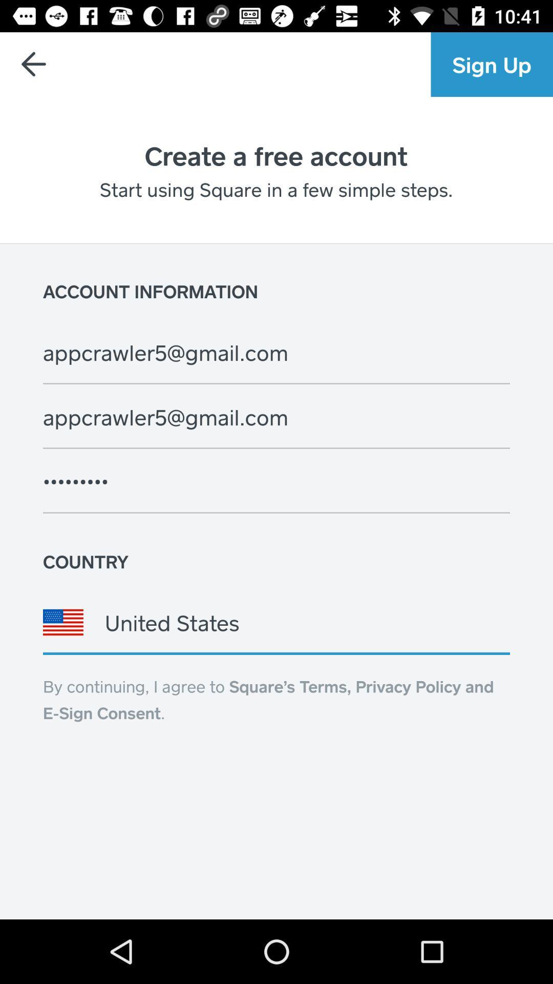 The image size is (553, 984). Describe the element at coordinates (276, 622) in the screenshot. I see `the icon below the country icon` at that location.